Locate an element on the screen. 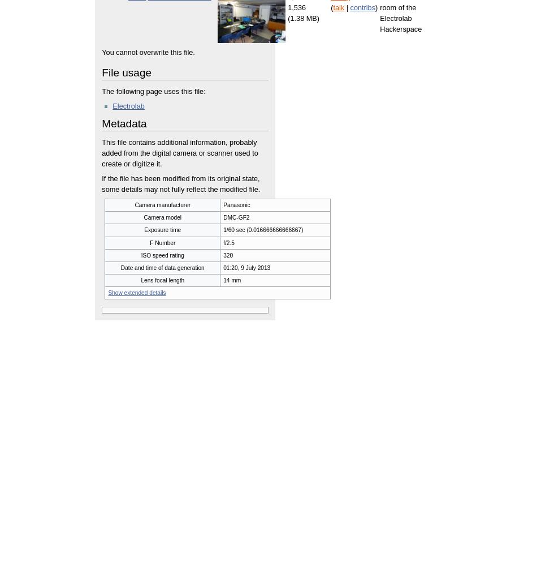 The width and height of the screenshot is (554, 566). 'ISO speed rating' is located at coordinates (141, 254).